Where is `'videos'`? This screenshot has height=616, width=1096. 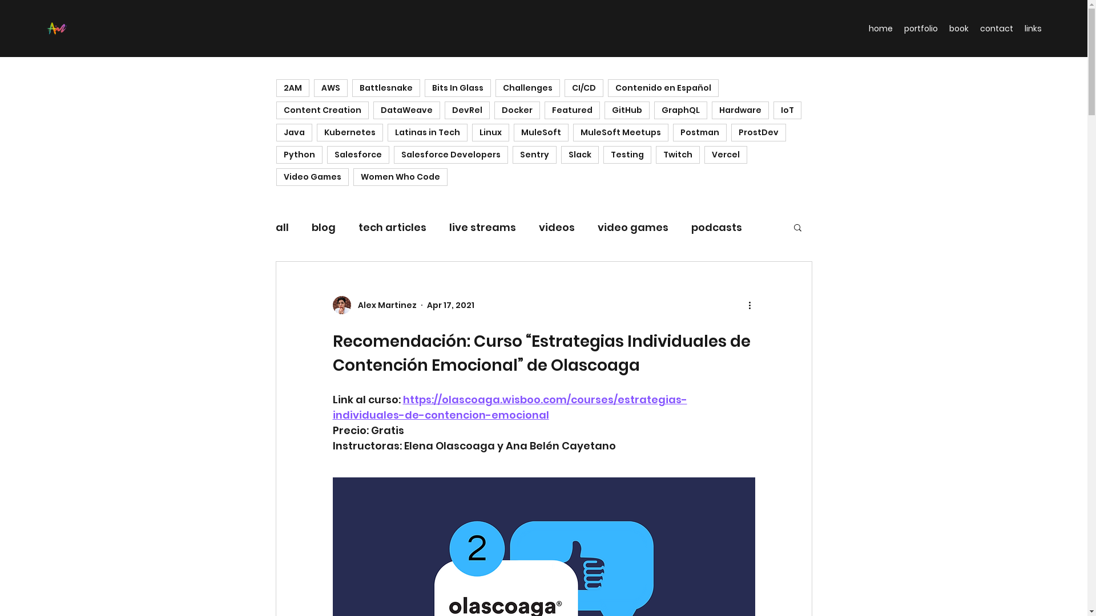 'videos' is located at coordinates (557, 226).